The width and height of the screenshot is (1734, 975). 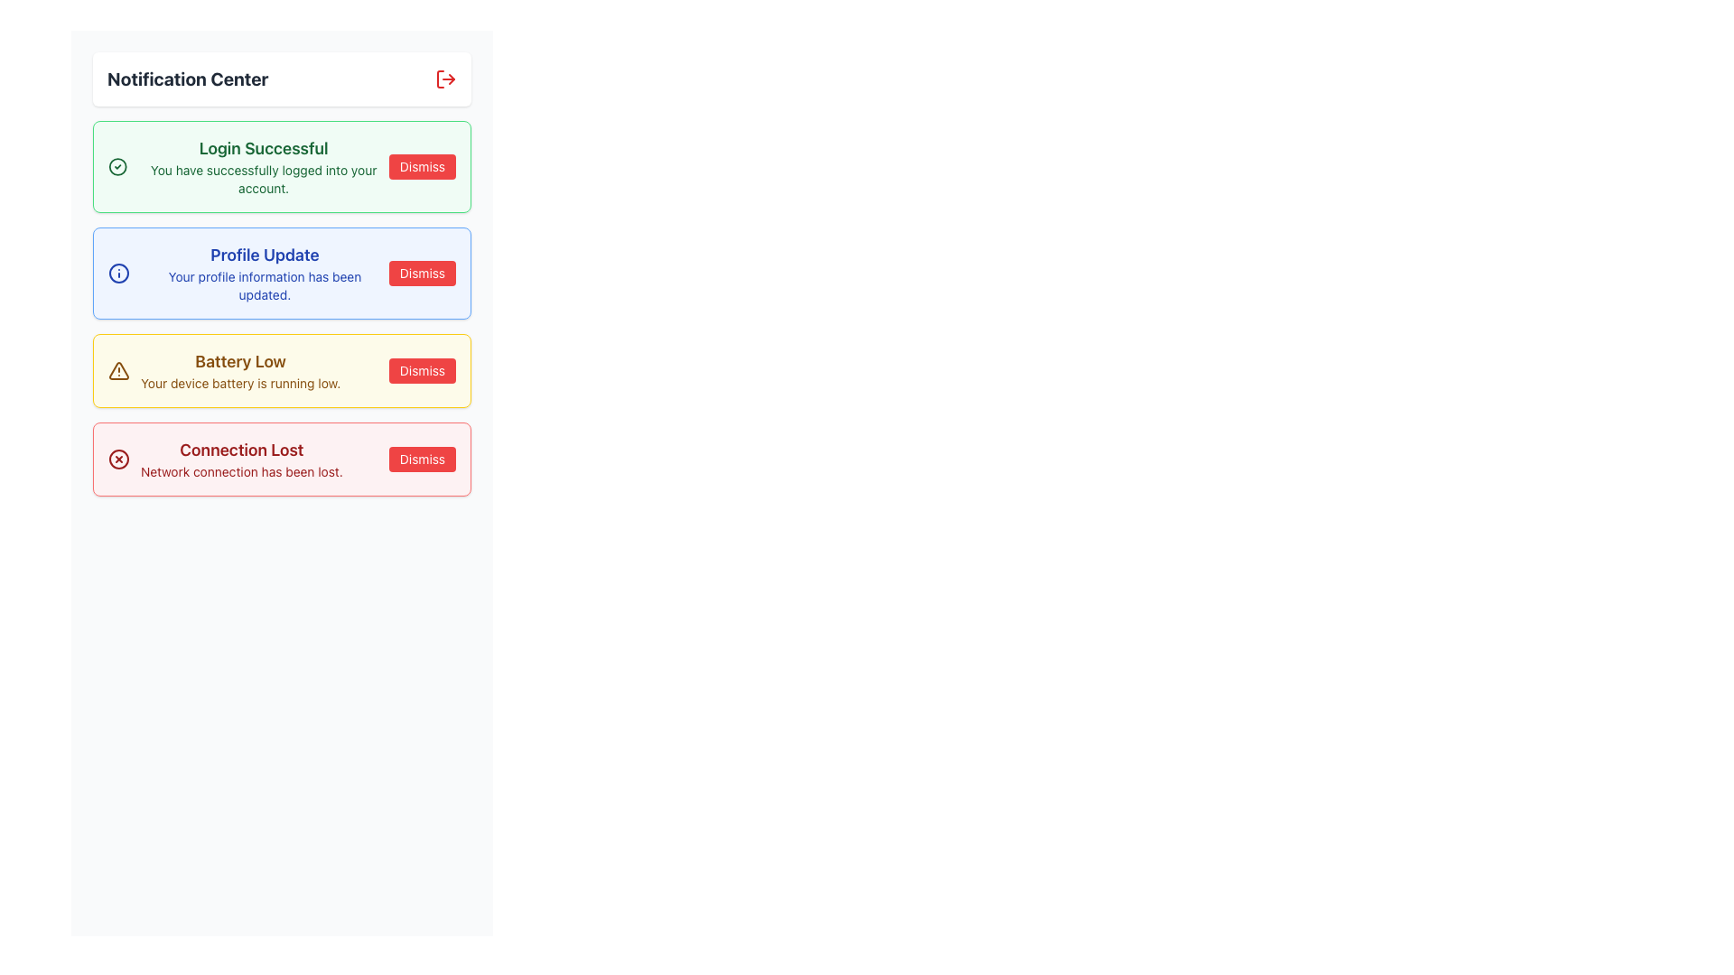 I want to click on the circular decorative icon with a blue outline and dot, located to the left of the 'Profile Update' notification message in the notification center, so click(x=118, y=274).